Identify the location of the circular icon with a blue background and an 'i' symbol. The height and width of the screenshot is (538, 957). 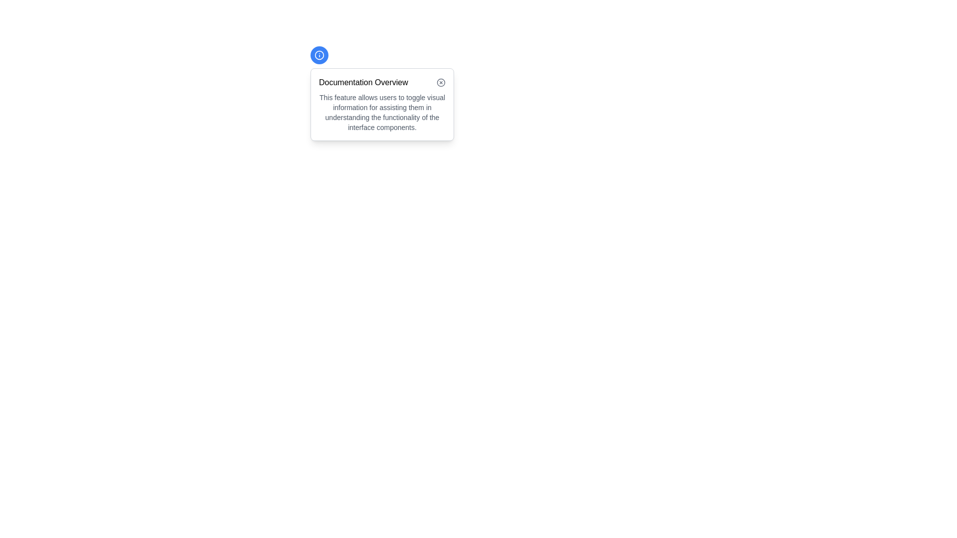
(319, 55).